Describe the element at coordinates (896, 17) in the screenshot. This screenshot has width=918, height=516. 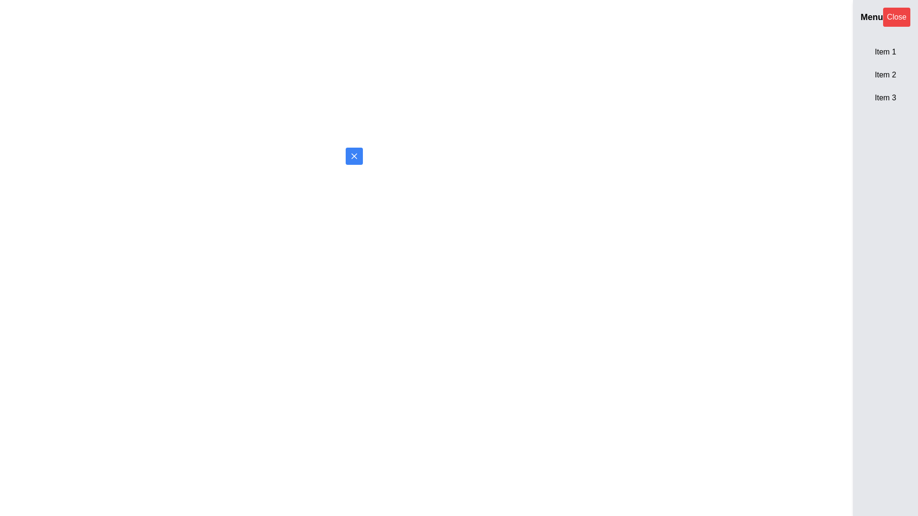
I see `the button located in the top-right corner of the interface, designed` at that location.